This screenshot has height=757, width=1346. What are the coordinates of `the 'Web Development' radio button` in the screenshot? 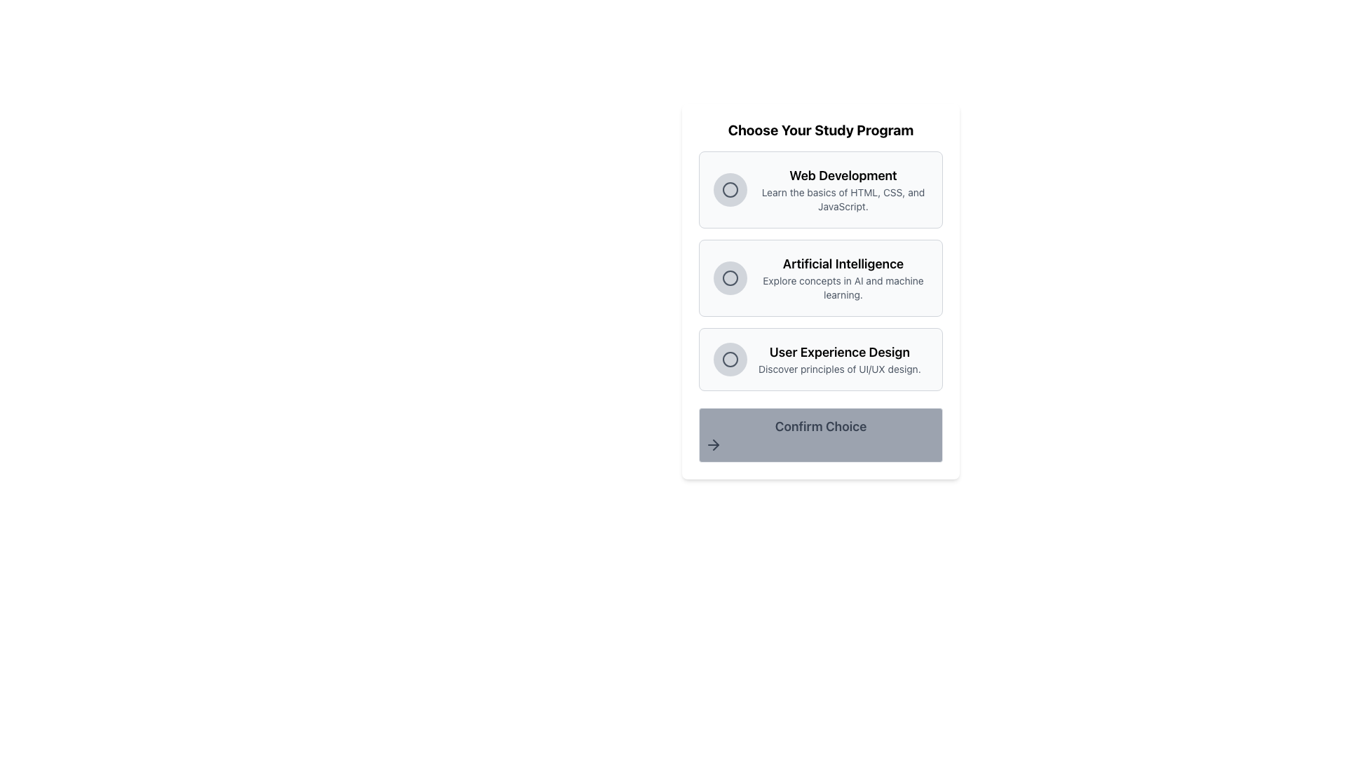 It's located at (729, 189).